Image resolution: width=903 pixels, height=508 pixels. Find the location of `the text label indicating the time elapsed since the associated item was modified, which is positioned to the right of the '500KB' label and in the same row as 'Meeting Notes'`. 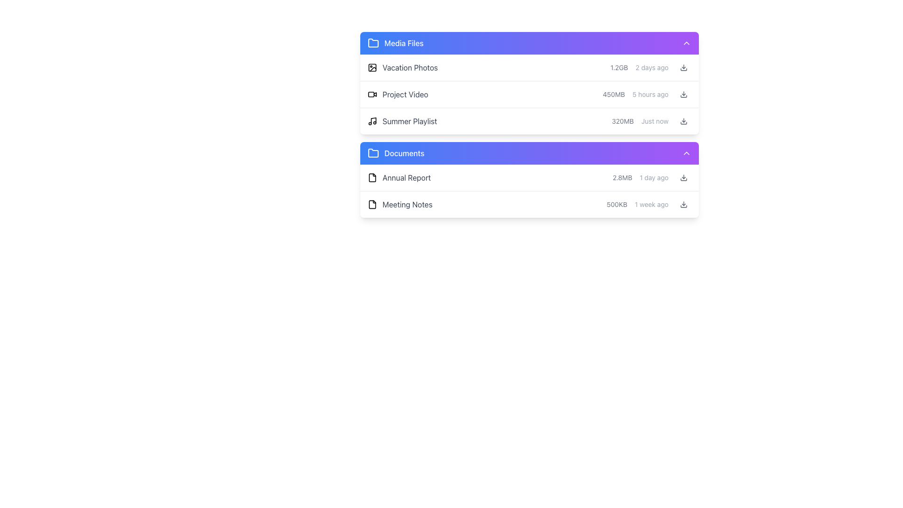

the text label indicating the time elapsed since the associated item was modified, which is positioned to the right of the '500KB' label and in the same row as 'Meeting Notes' is located at coordinates (651, 204).